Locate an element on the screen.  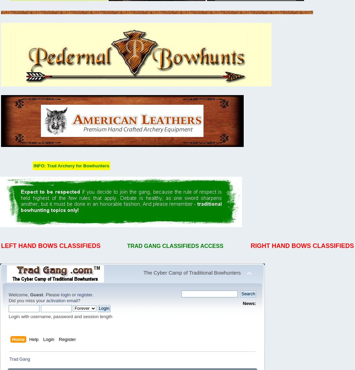
'LEFT HAND BOWS CLASSIFIEDS' is located at coordinates (50, 246).